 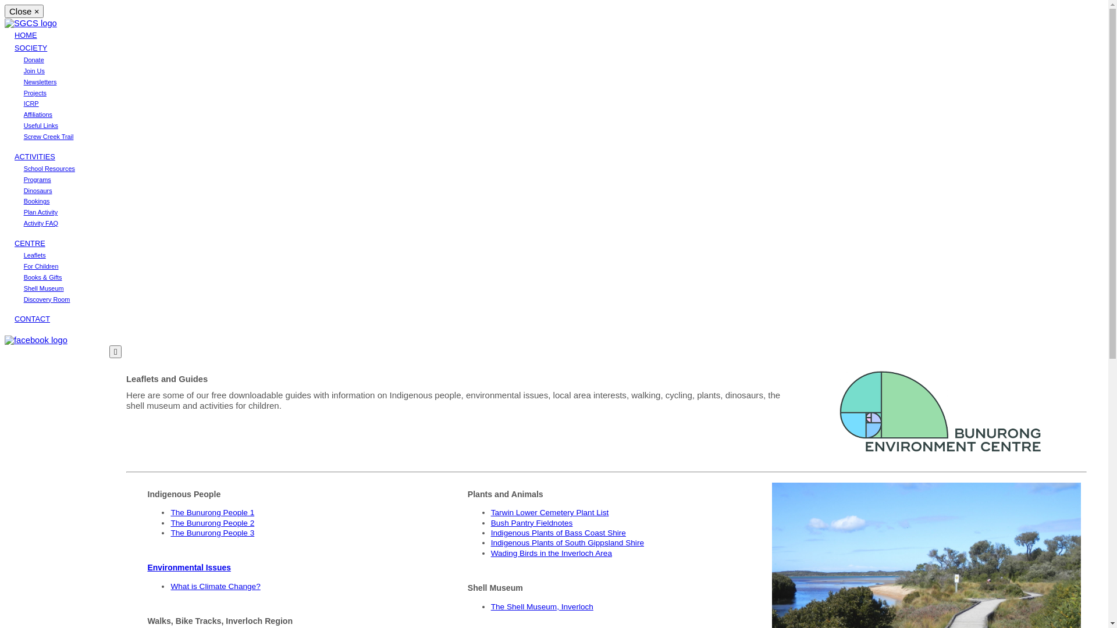 I want to click on 'CONTACT', so click(x=14, y=319).